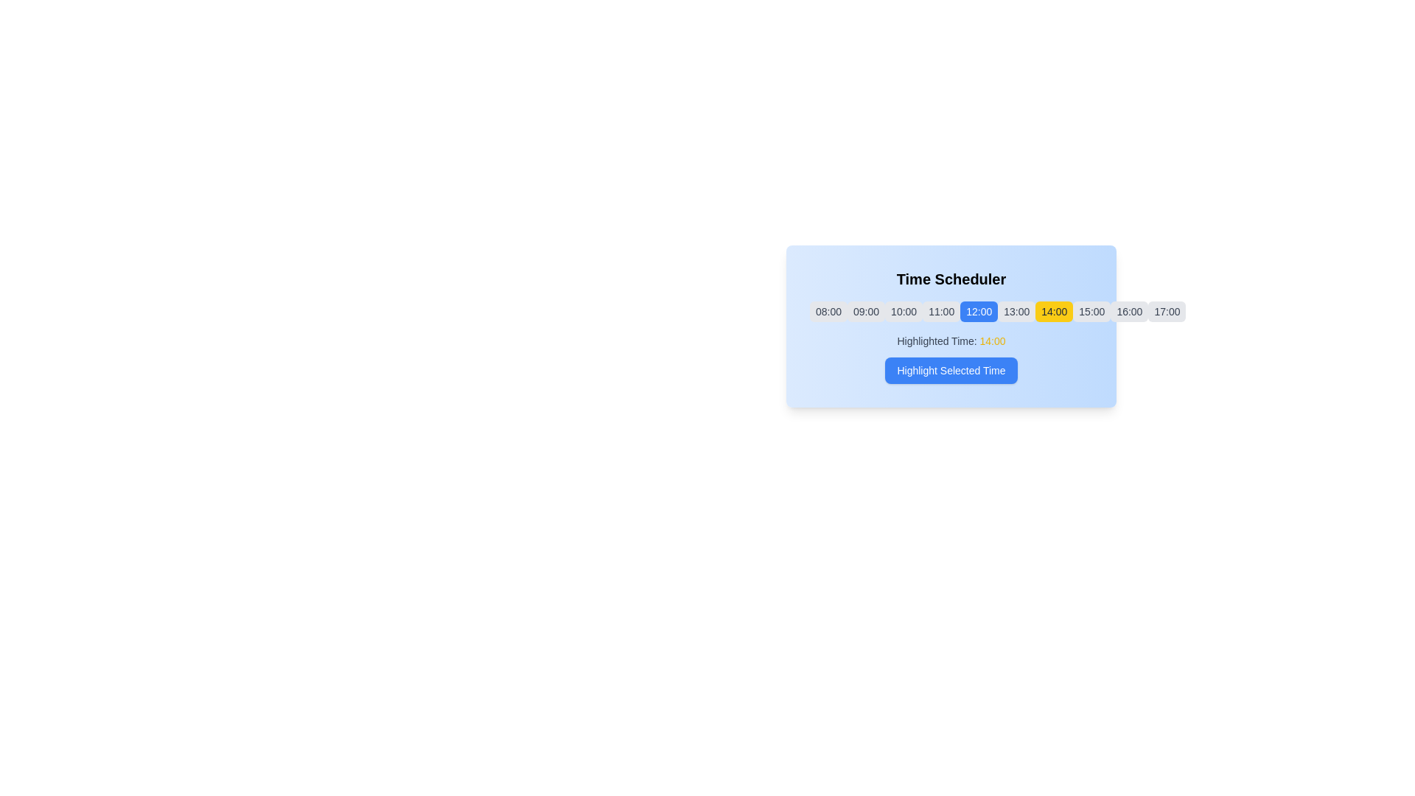 The image size is (1415, 796). Describe the element at coordinates (940, 311) in the screenshot. I see `the '11:00' time slot button located fourth from the left in the horizontal list under 'Time Scheduler'` at that location.